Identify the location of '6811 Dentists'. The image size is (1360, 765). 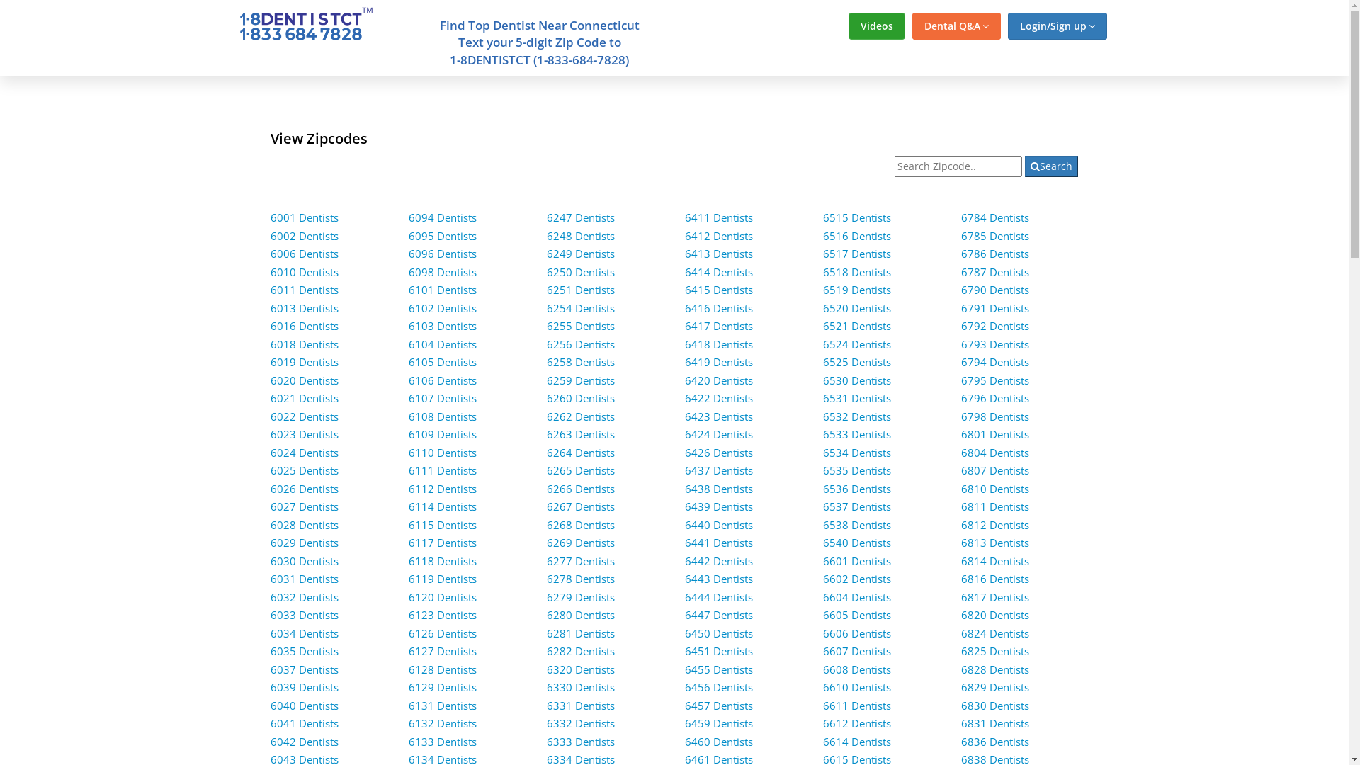
(994, 505).